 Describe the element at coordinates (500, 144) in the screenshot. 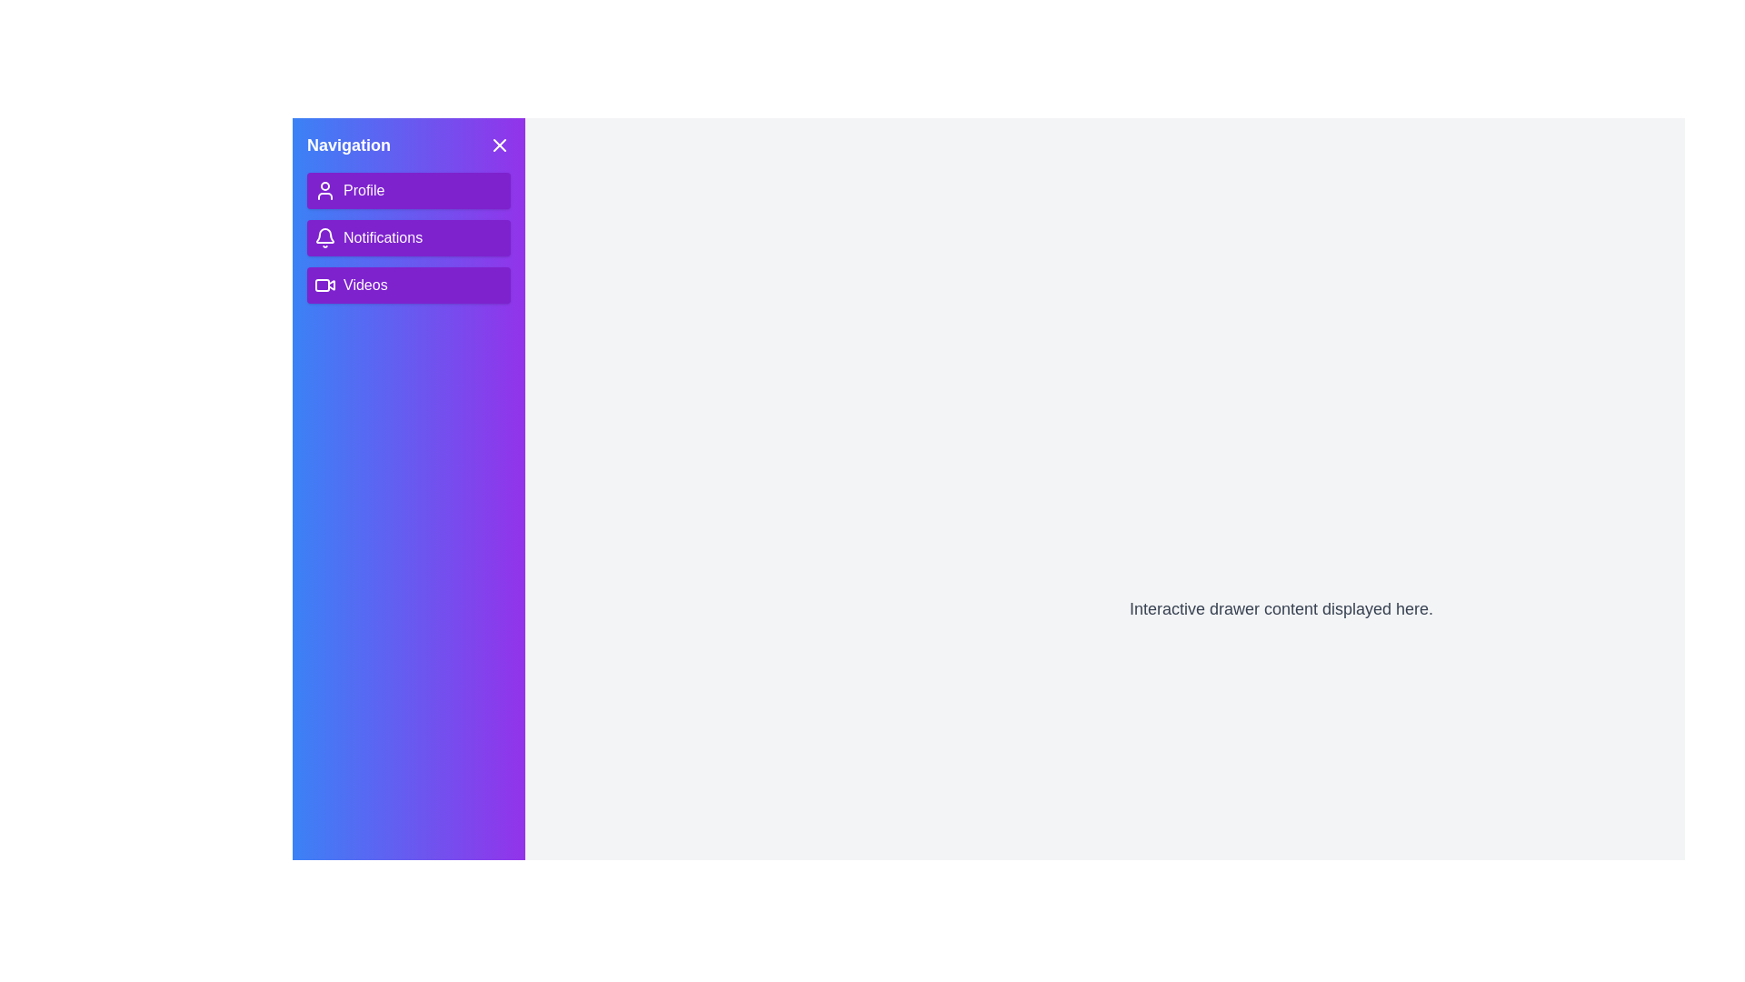

I see `the close button (X icon) to toggle the visibility of the drawer` at that location.